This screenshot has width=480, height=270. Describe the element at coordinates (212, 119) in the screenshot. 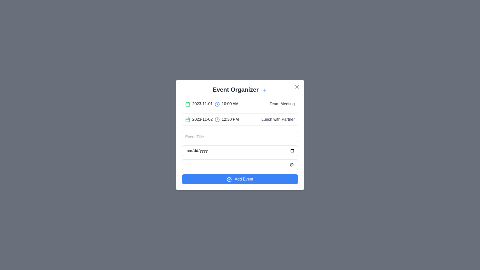

I see `the text element displaying '2023-11-02 12:30 PM' with the green calendar icon and blue clock icon, located in the 'Event Organizer' interface` at that location.